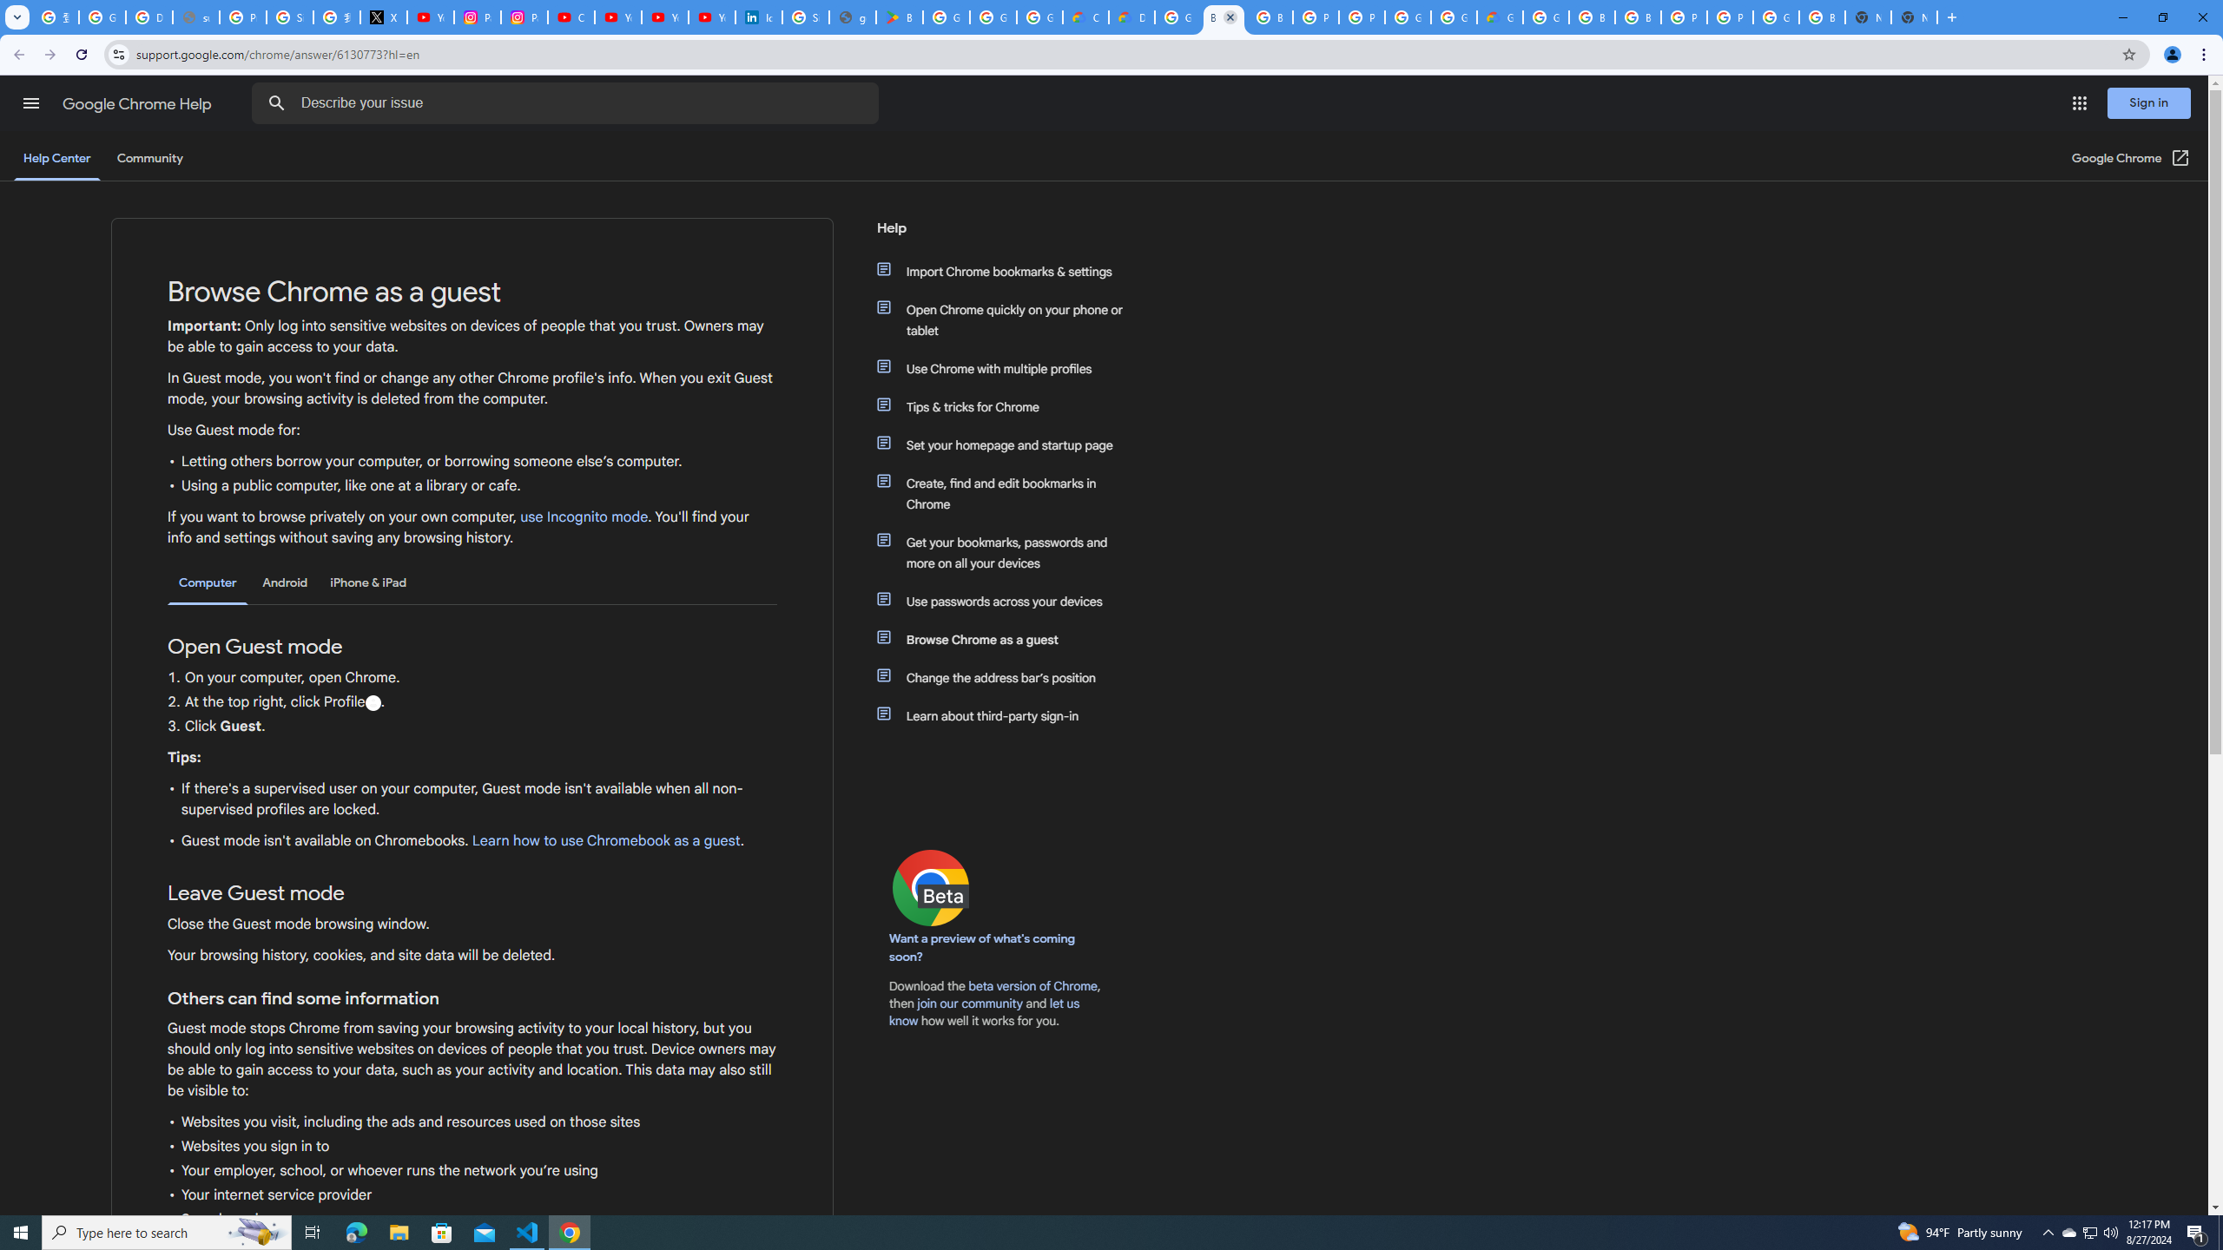 This screenshot has height=1250, width=2223. I want to click on 'use Incognito mode', so click(584, 516).